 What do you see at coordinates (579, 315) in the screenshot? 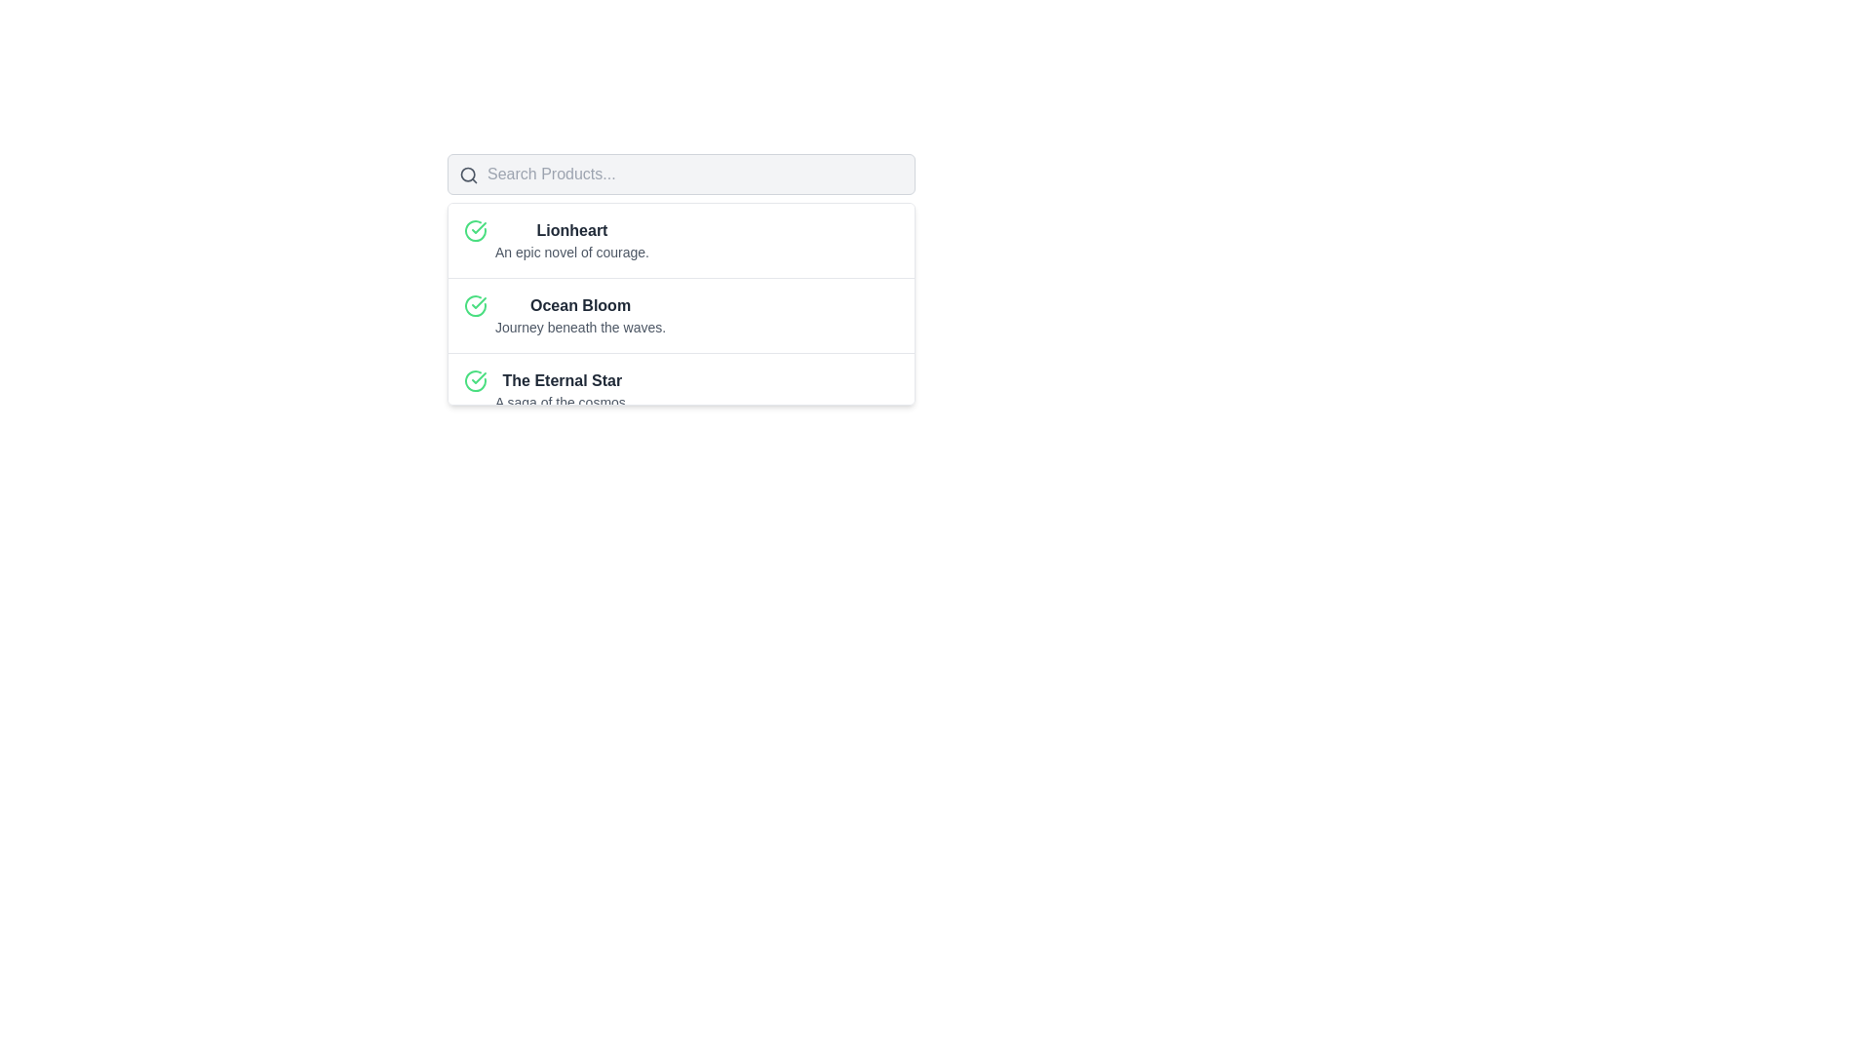
I see `the 'Ocean Bloom' text block element, which consists of two lines of text in bold dark gray and lighter gray` at bounding box center [579, 315].